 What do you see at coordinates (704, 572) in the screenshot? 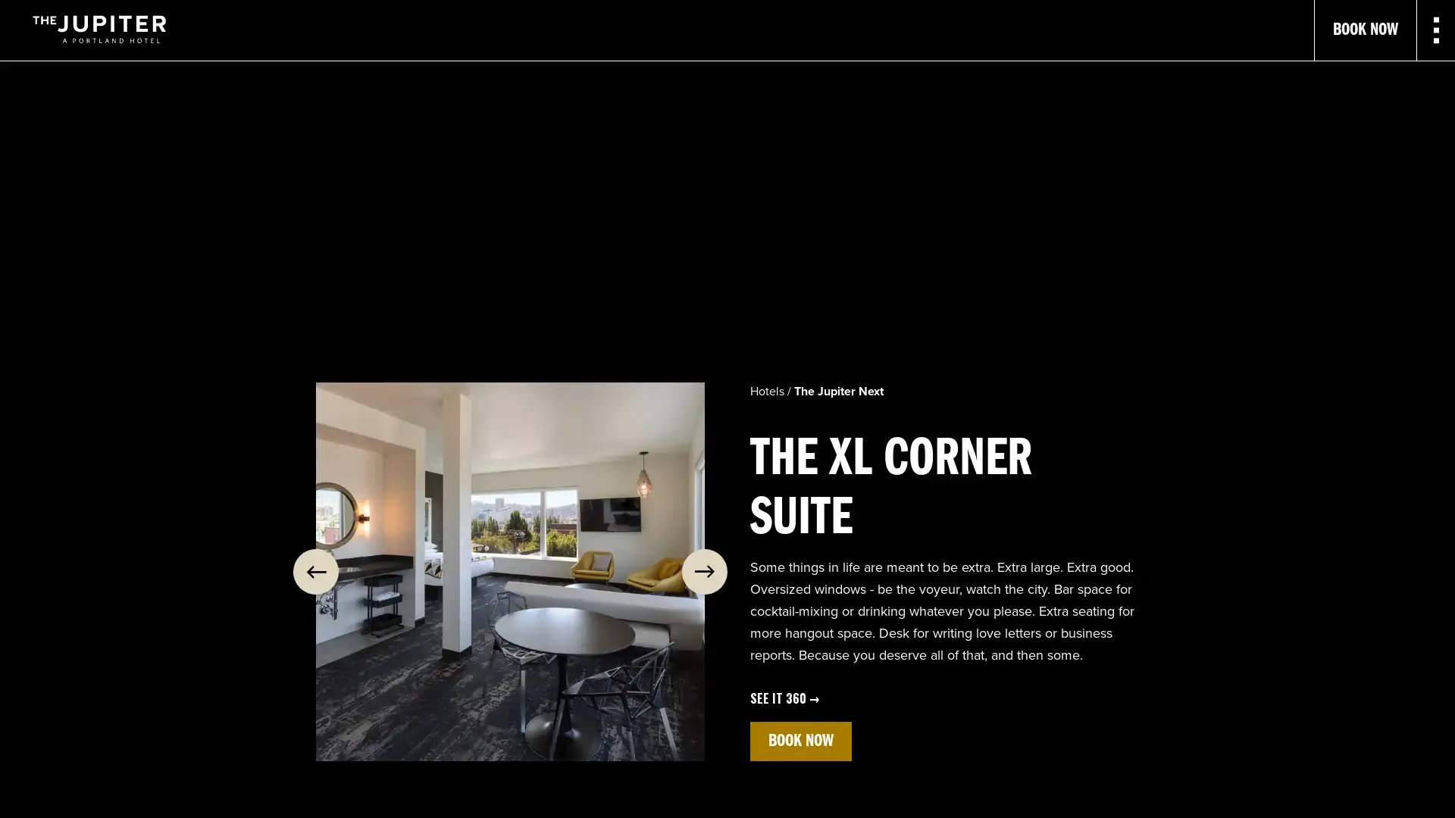
I see `next slide` at bounding box center [704, 572].